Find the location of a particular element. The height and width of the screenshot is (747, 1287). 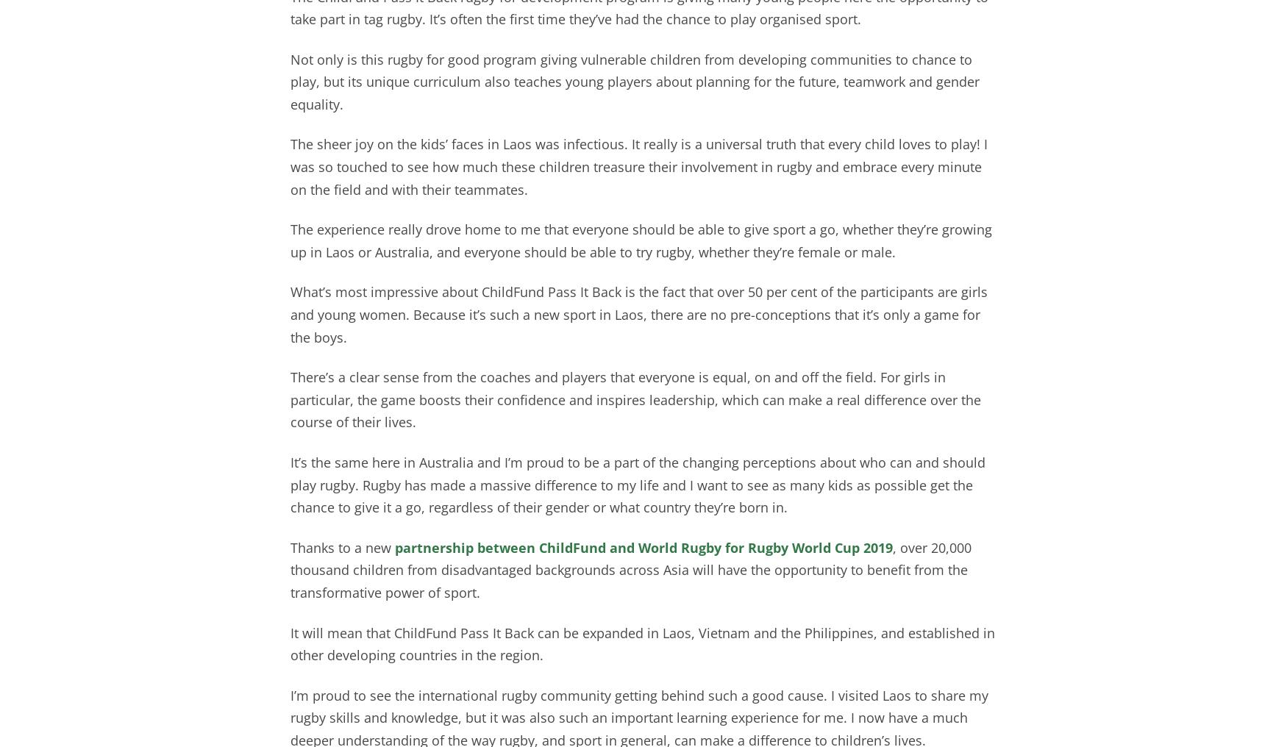

', over 20,000 thousand children from disadvantaged backgrounds across Asia will have the opportunity to benefit from the transformative power of sport.' is located at coordinates (289, 568).